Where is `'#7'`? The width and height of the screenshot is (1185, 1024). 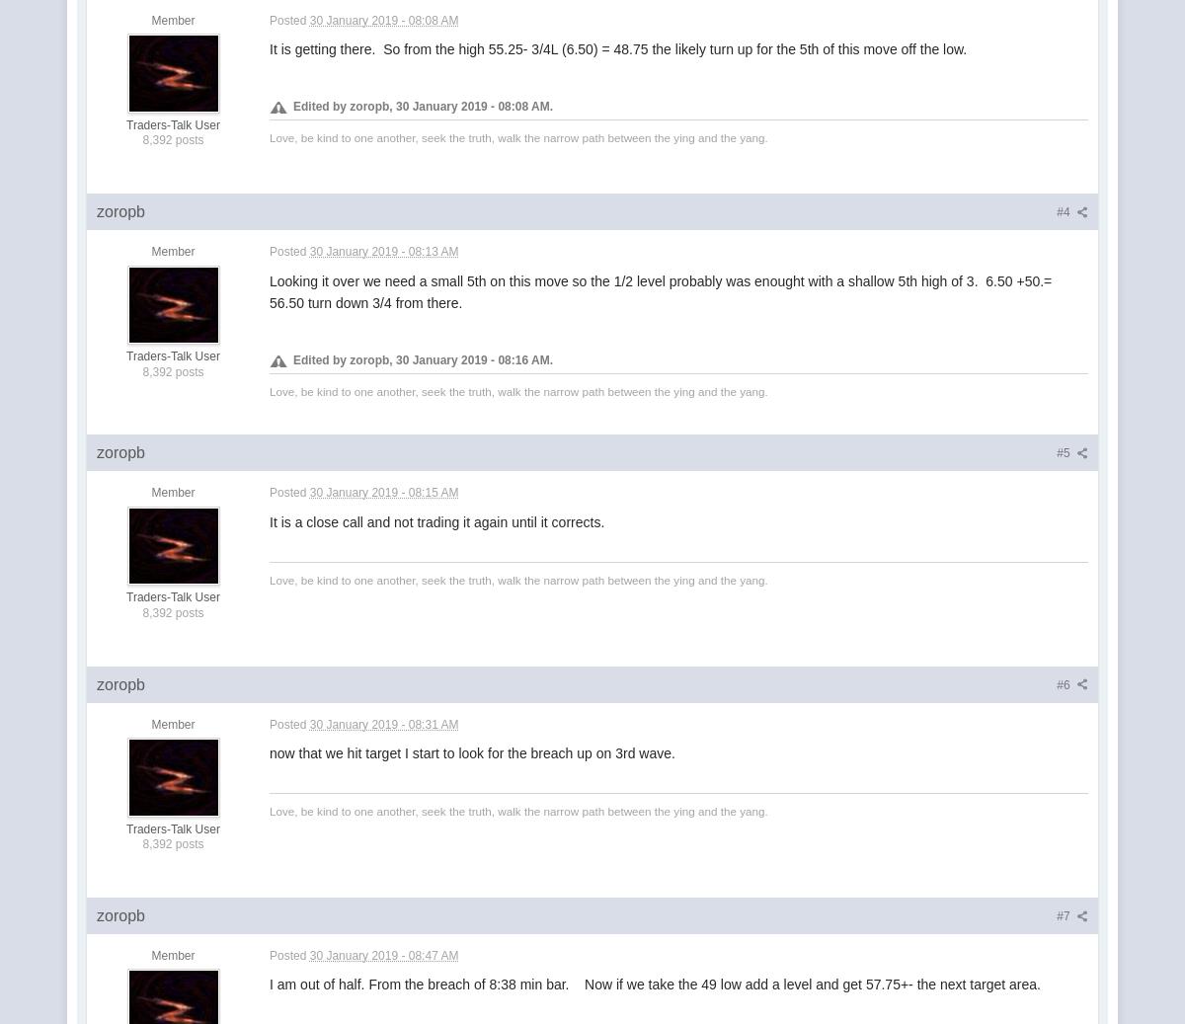
'#7' is located at coordinates (1064, 914).